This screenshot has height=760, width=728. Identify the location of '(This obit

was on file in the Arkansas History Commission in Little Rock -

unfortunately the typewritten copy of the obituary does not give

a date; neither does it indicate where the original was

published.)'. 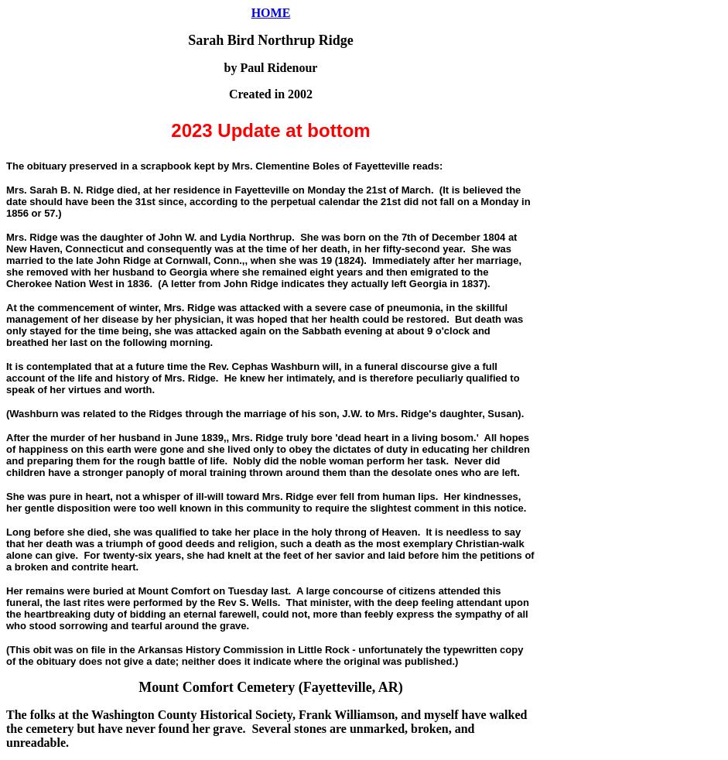
(5, 655).